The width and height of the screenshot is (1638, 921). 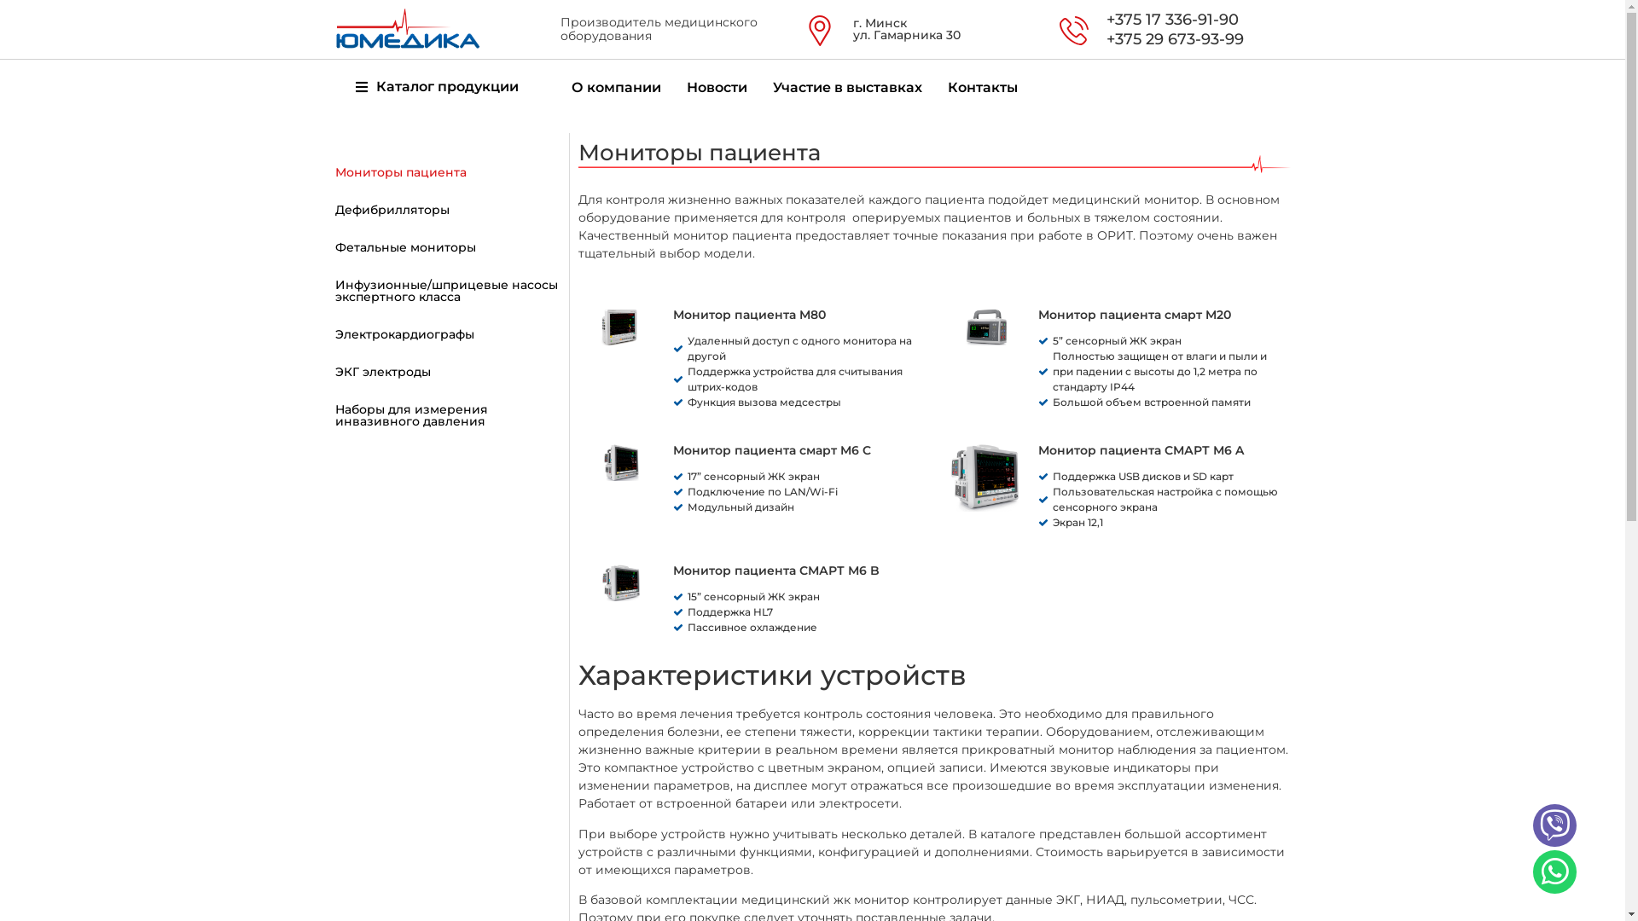 What do you see at coordinates (1171, 20) in the screenshot?
I see `'+375 17 336-91-90'` at bounding box center [1171, 20].